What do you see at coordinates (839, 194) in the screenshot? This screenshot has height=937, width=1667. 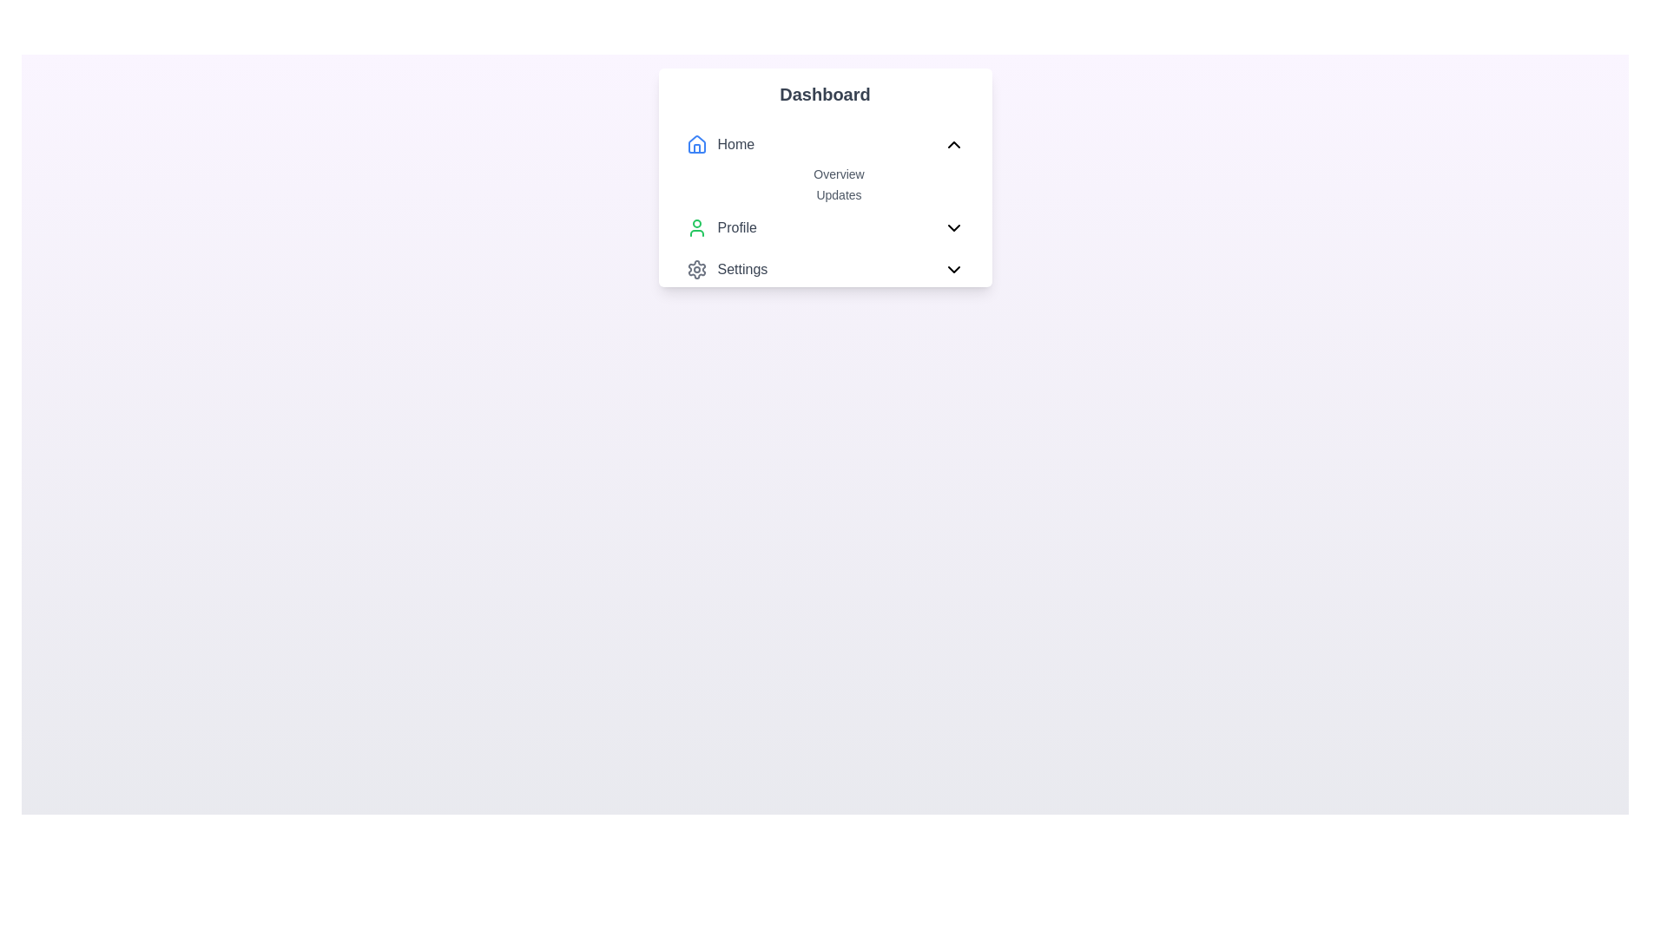 I see `the navigational text labeled 'Updates' located under the 'Dashboard' panel` at bounding box center [839, 194].